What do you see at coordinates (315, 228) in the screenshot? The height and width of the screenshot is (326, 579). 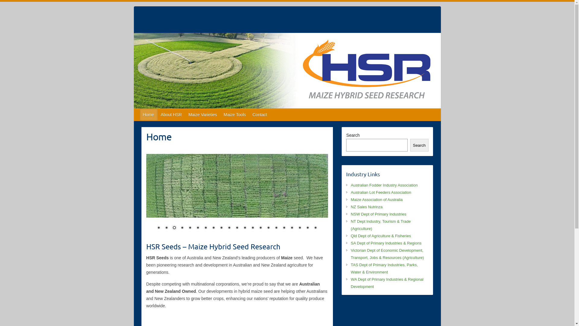 I see `'21'` at bounding box center [315, 228].